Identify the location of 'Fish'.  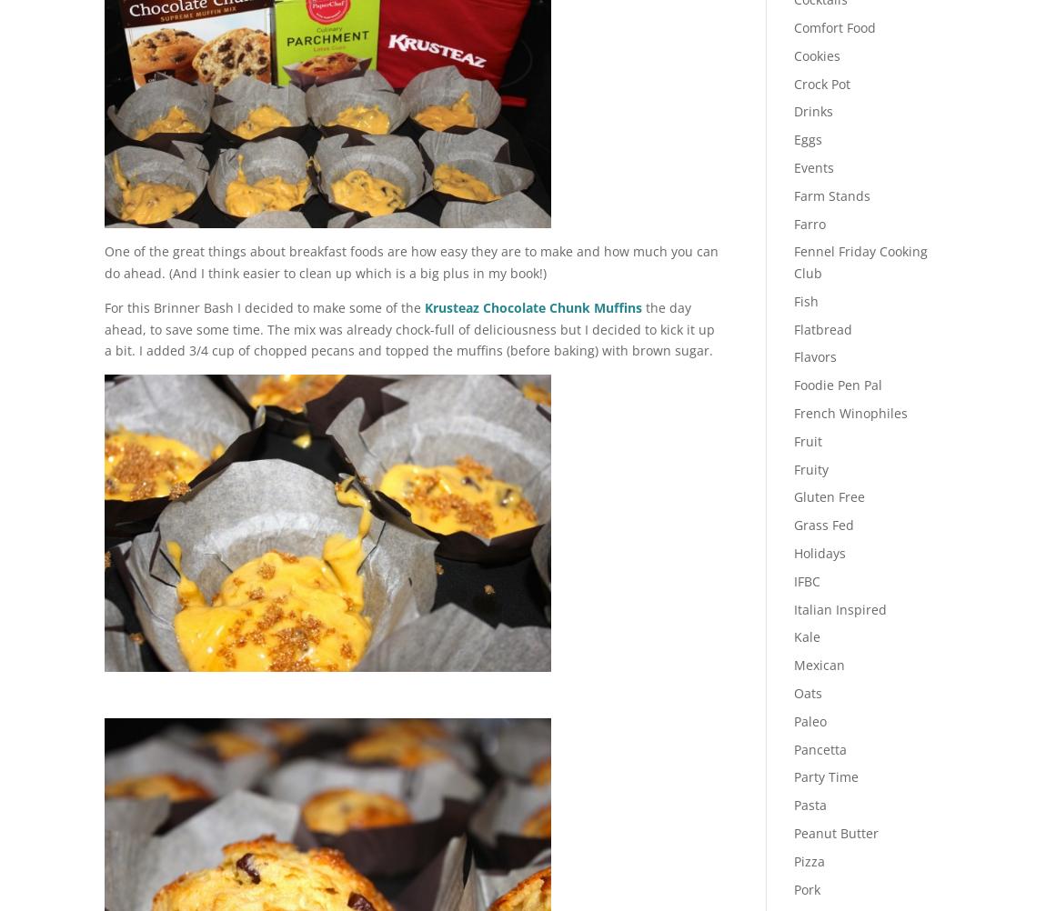
(805, 299).